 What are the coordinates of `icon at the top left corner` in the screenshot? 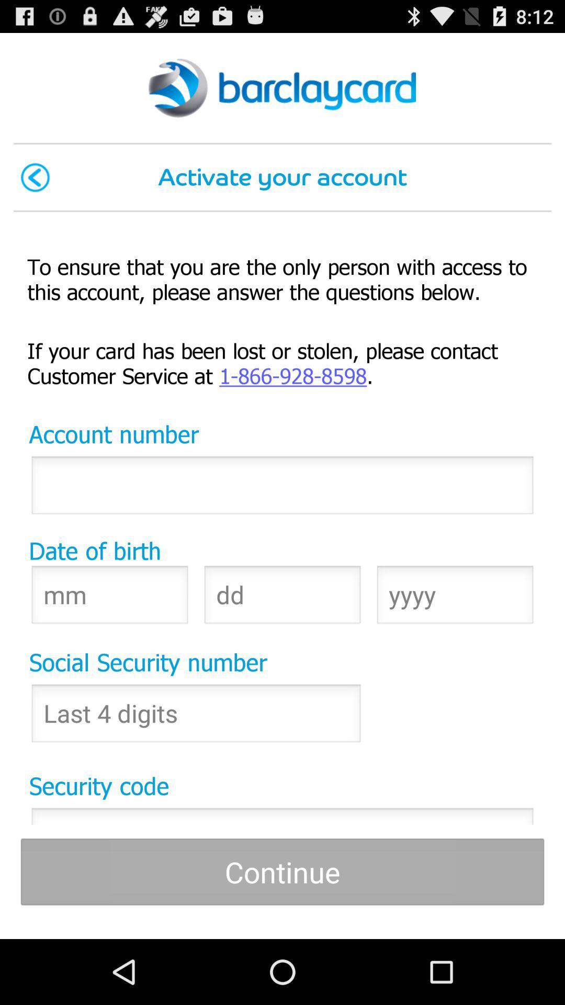 It's located at (35, 177).